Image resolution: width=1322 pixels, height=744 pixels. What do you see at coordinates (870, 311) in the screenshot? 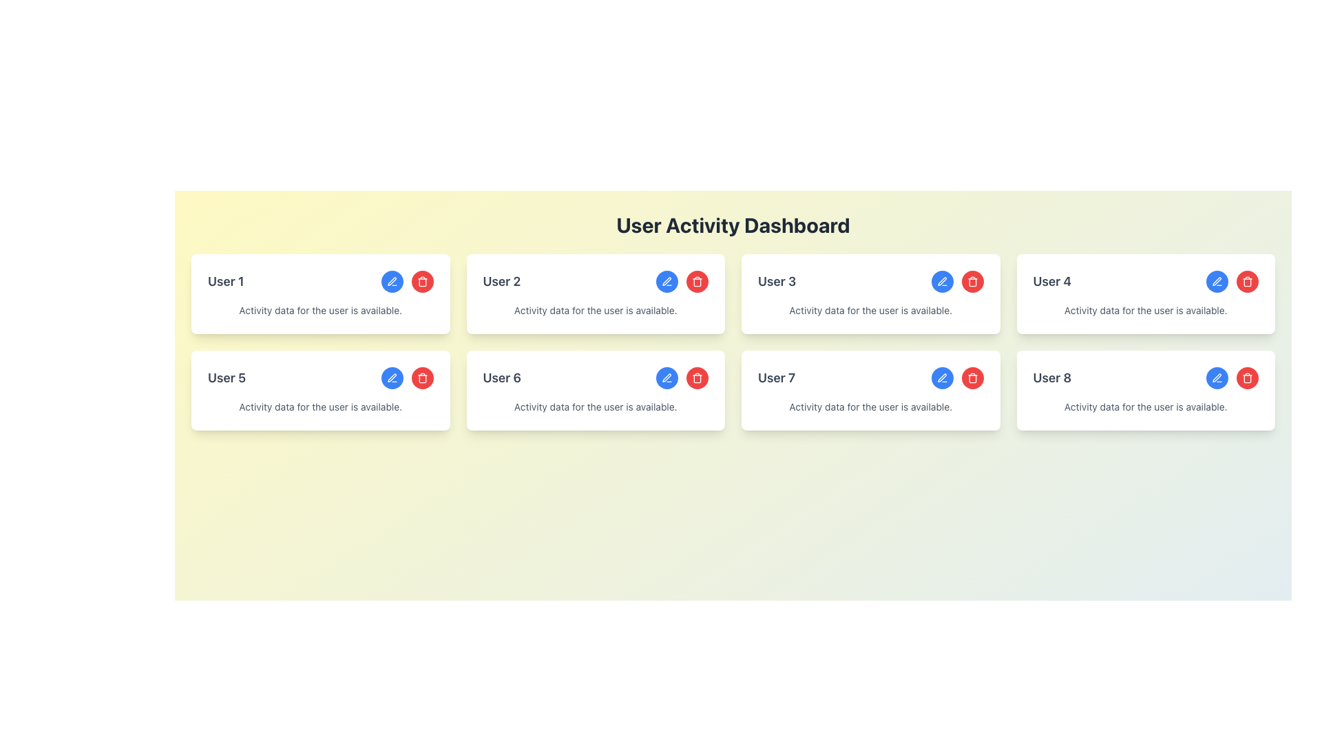
I see `the static text element that reads 'Activity data for the user is available.' located within the card titled 'User 3' in the third column of the top row` at bounding box center [870, 311].